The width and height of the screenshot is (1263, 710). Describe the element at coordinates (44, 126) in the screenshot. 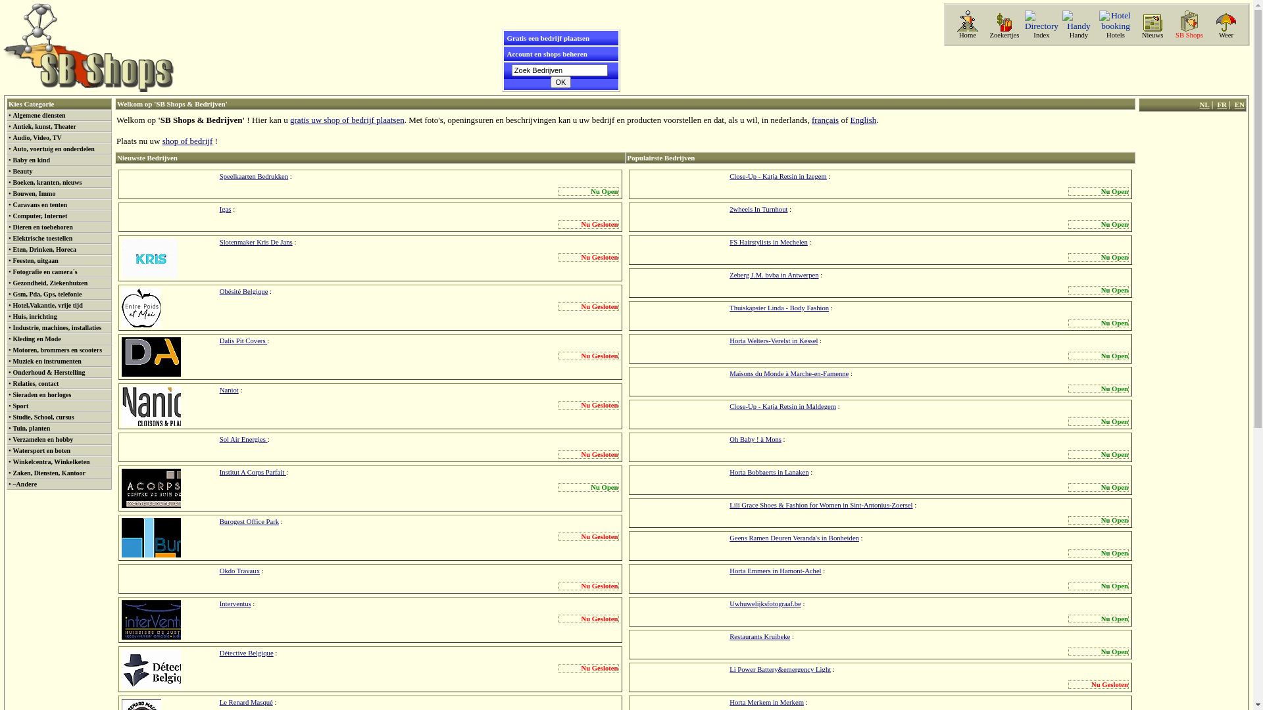

I see `'Antiek, kunst, Theater'` at that location.